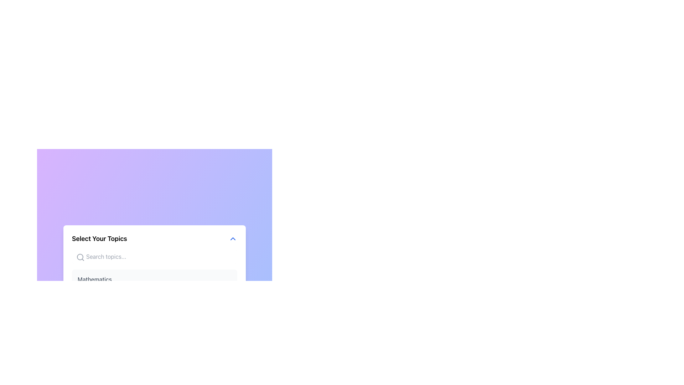 This screenshot has height=385, width=684. Describe the element at coordinates (233, 239) in the screenshot. I see `the blue chevron icon located on the right side of the 'Select Your Topics' header` at that location.